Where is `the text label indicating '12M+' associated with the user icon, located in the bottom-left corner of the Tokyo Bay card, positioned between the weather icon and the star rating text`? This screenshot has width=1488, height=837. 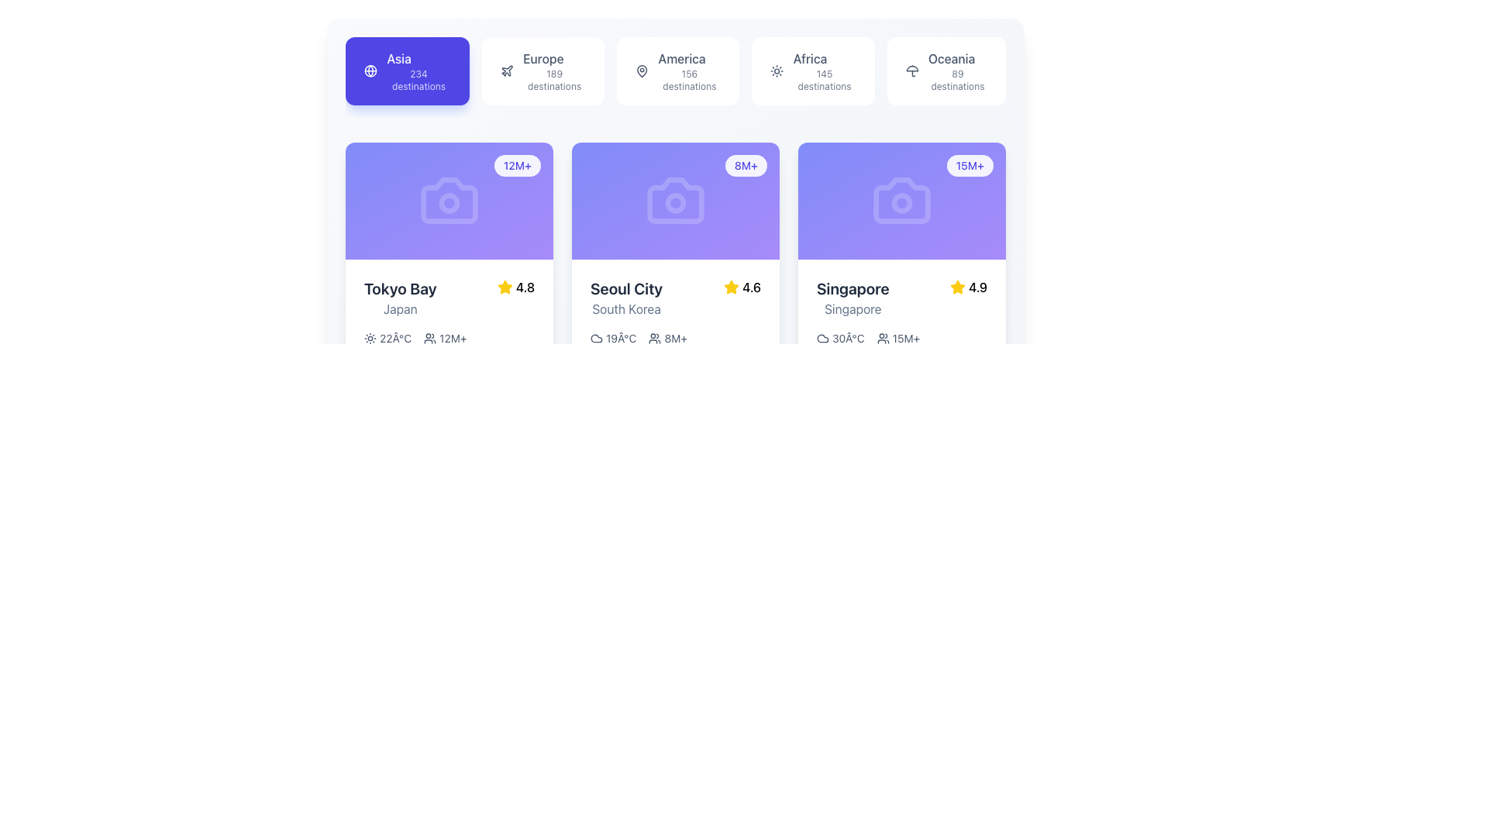 the text label indicating '12M+' associated with the user icon, located in the bottom-left corner of the Tokyo Bay card, positioned between the weather icon and the star rating text is located at coordinates (444, 337).